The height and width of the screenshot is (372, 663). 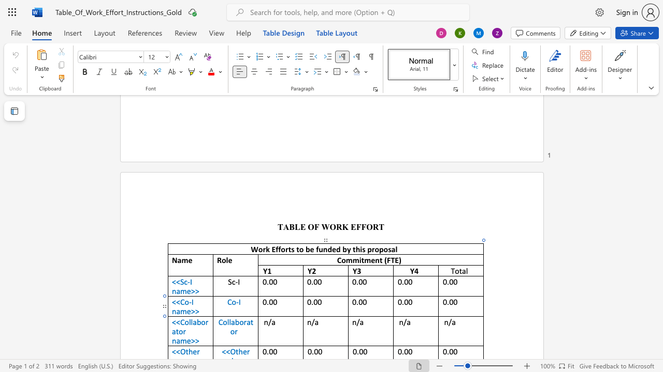 What do you see at coordinates (226, 321) in the screenshot?
I see `the space between the continuous character "o" and "l" in the text` at bounding box center [226, 321].